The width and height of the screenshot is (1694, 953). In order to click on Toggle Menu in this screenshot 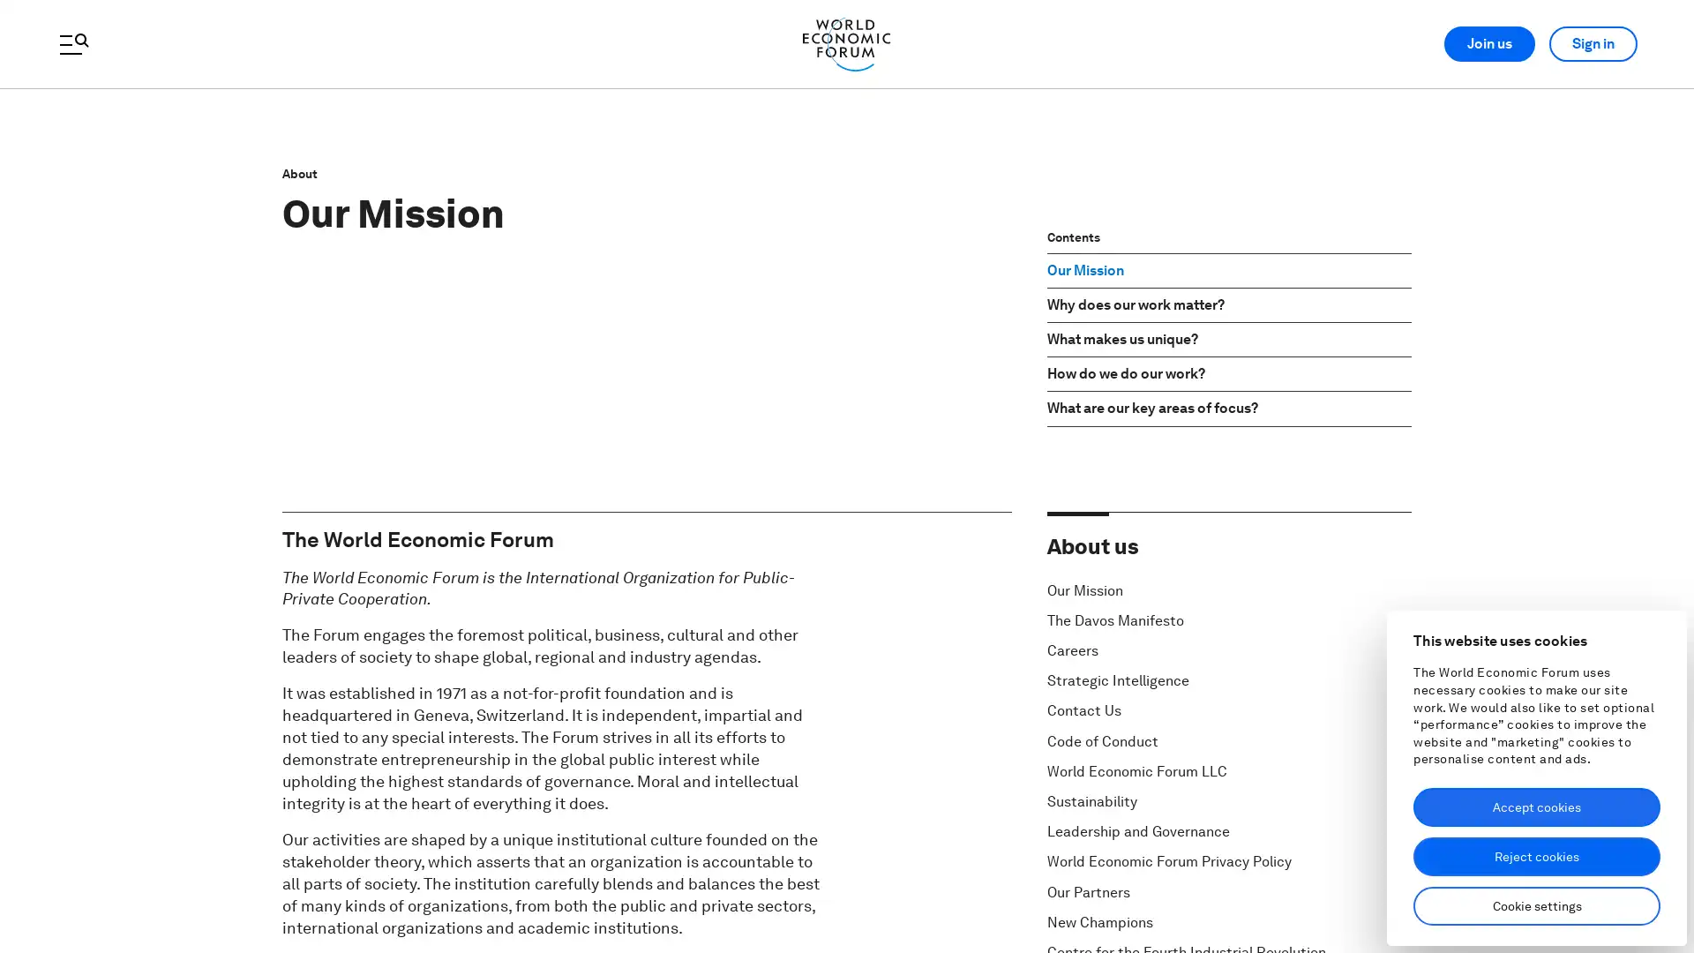, I will do `click(72, 43)`.